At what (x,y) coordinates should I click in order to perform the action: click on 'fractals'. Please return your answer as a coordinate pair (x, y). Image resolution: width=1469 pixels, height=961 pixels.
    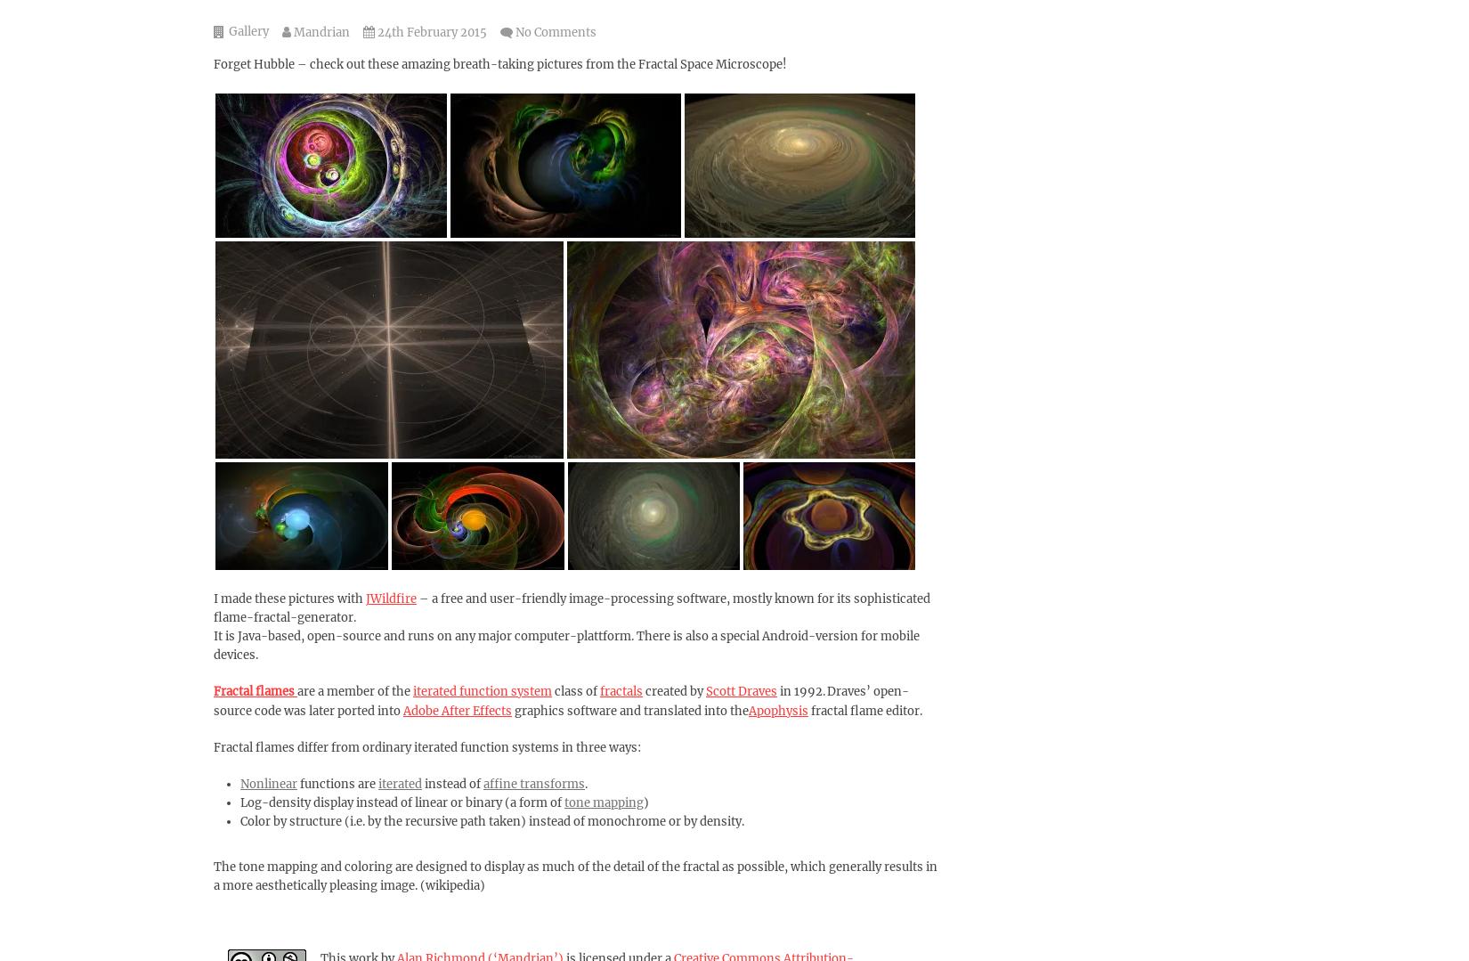
    Looking at the image, I should click on (620, 691).